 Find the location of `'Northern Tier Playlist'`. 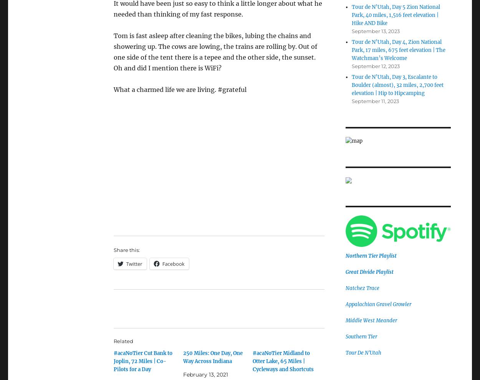

'Northern Tier Playlist' is located at coordinates (370, 255).